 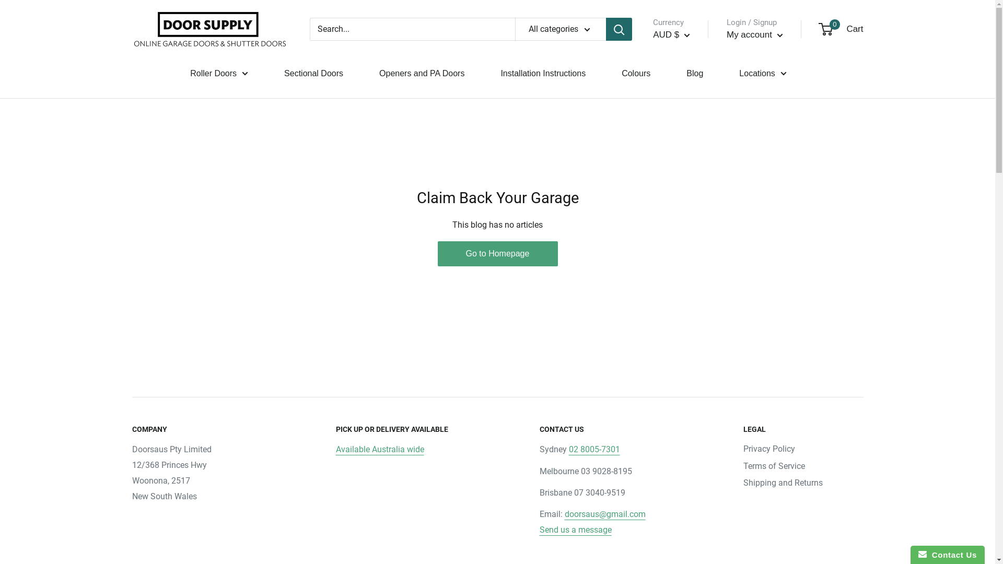 What do you see at coordinates (568, 449) in the screenshot?
I see `'02 8005-7301'` at bounding box center [568, 449].